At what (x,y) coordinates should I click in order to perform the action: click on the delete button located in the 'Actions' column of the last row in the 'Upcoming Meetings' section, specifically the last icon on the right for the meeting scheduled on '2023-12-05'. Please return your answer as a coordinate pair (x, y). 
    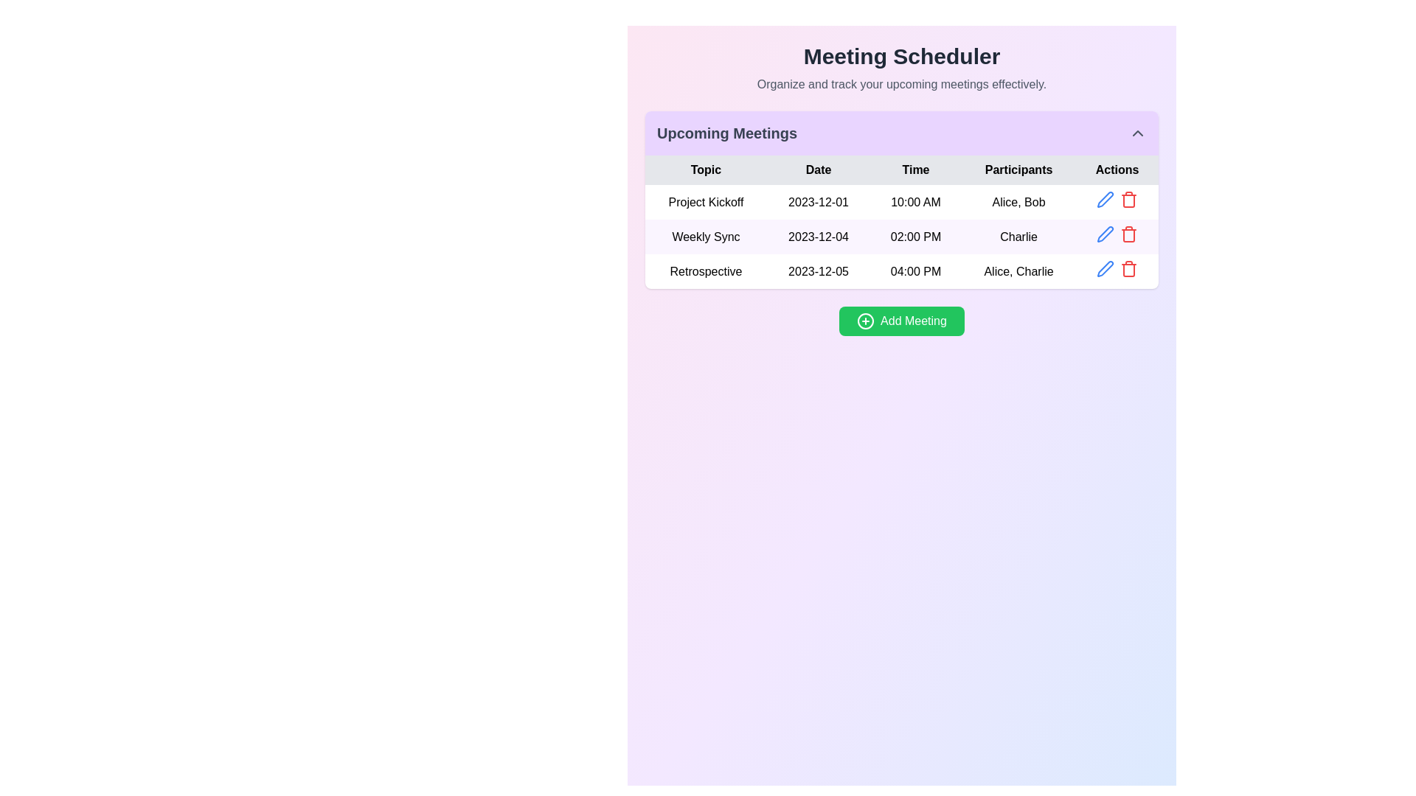
    Looking at the image, I should click on (1128, 199).